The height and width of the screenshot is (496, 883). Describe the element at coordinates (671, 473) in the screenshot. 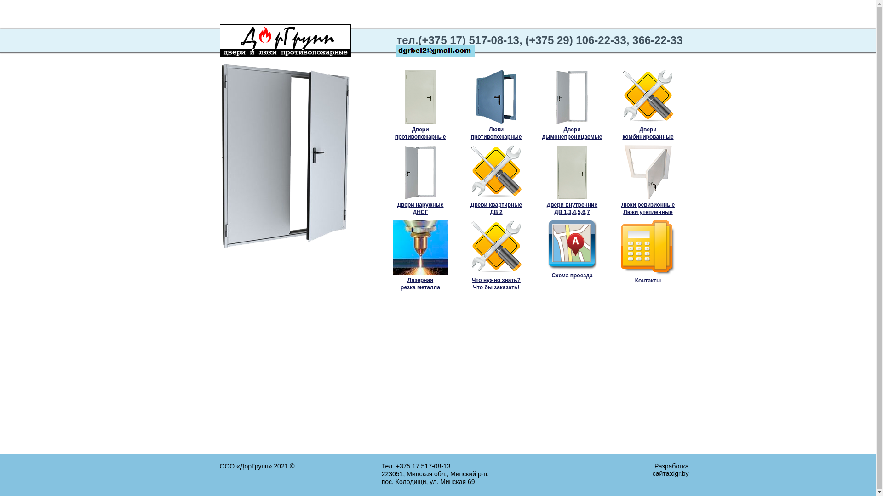

I see `'dgr.by'` at that location.